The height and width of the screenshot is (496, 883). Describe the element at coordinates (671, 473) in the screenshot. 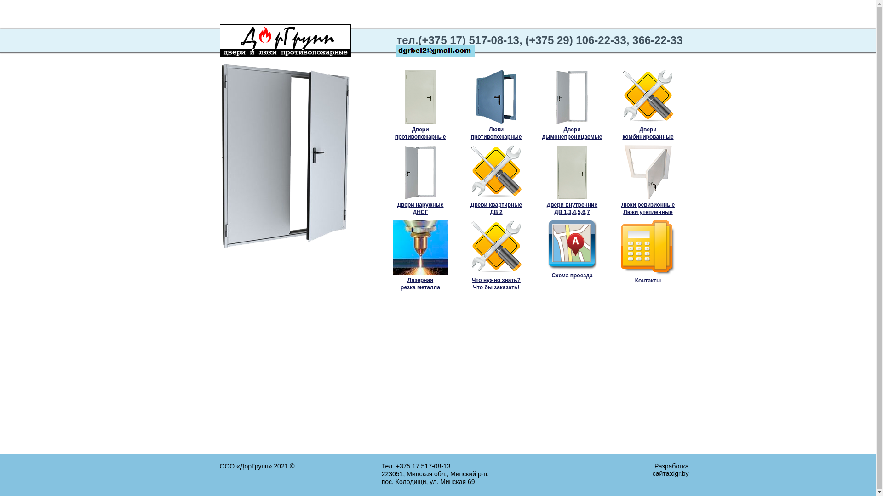

I see `'dgr.by'` at that location.